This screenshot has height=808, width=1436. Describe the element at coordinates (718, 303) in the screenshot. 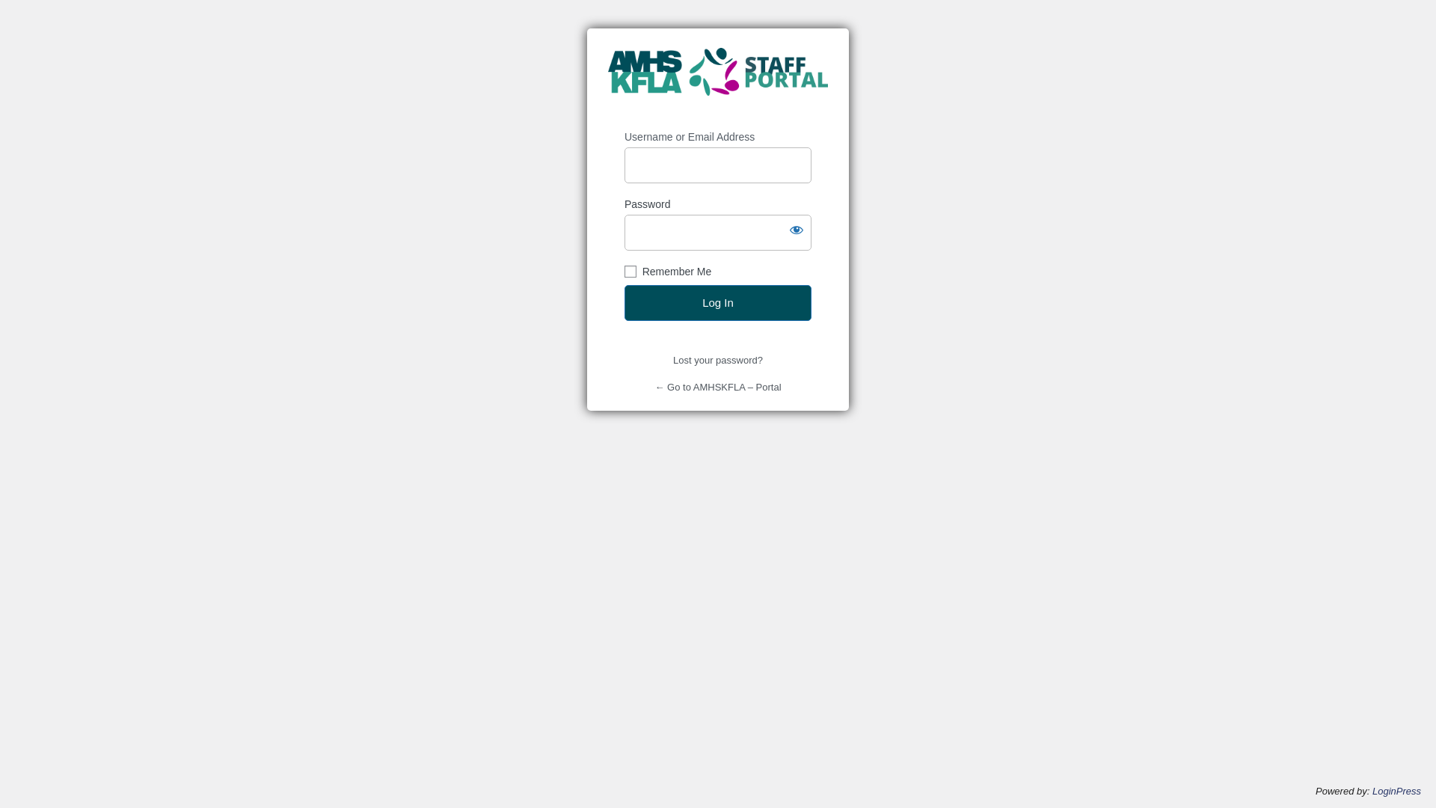

I see `'Log In'` at that location.